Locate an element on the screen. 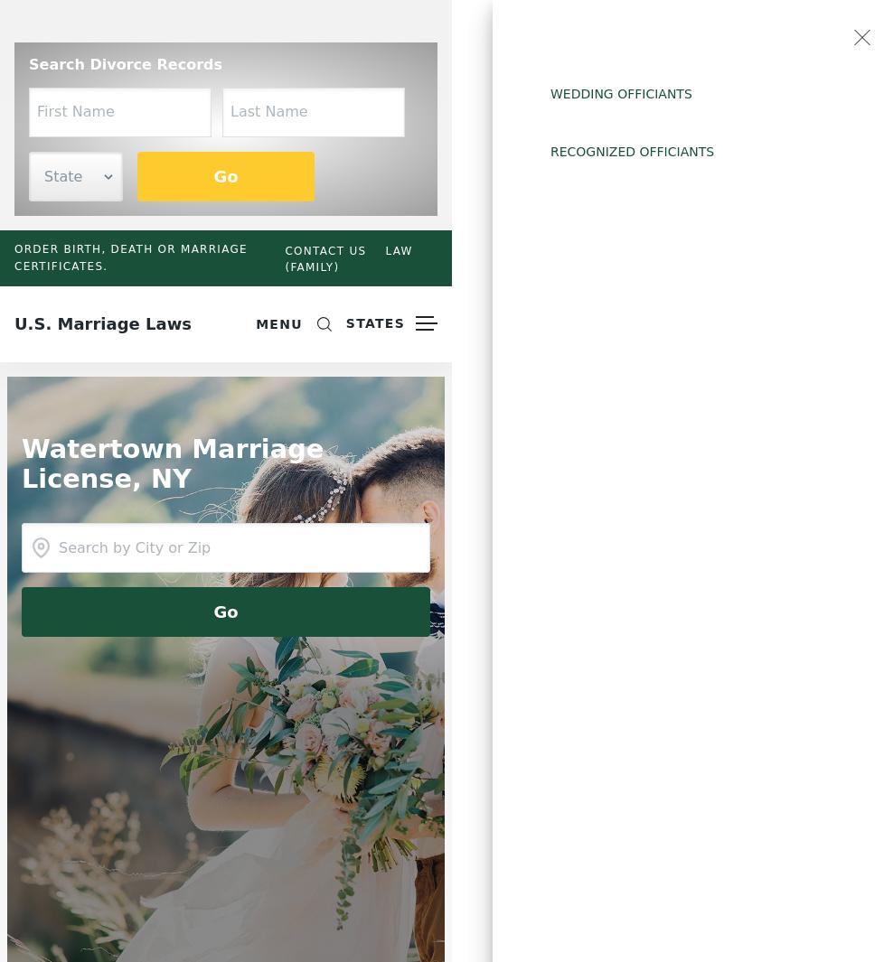 The width and height of the screenshot is (884, 962). 'Maryland' is located at coordinates (586, 817).